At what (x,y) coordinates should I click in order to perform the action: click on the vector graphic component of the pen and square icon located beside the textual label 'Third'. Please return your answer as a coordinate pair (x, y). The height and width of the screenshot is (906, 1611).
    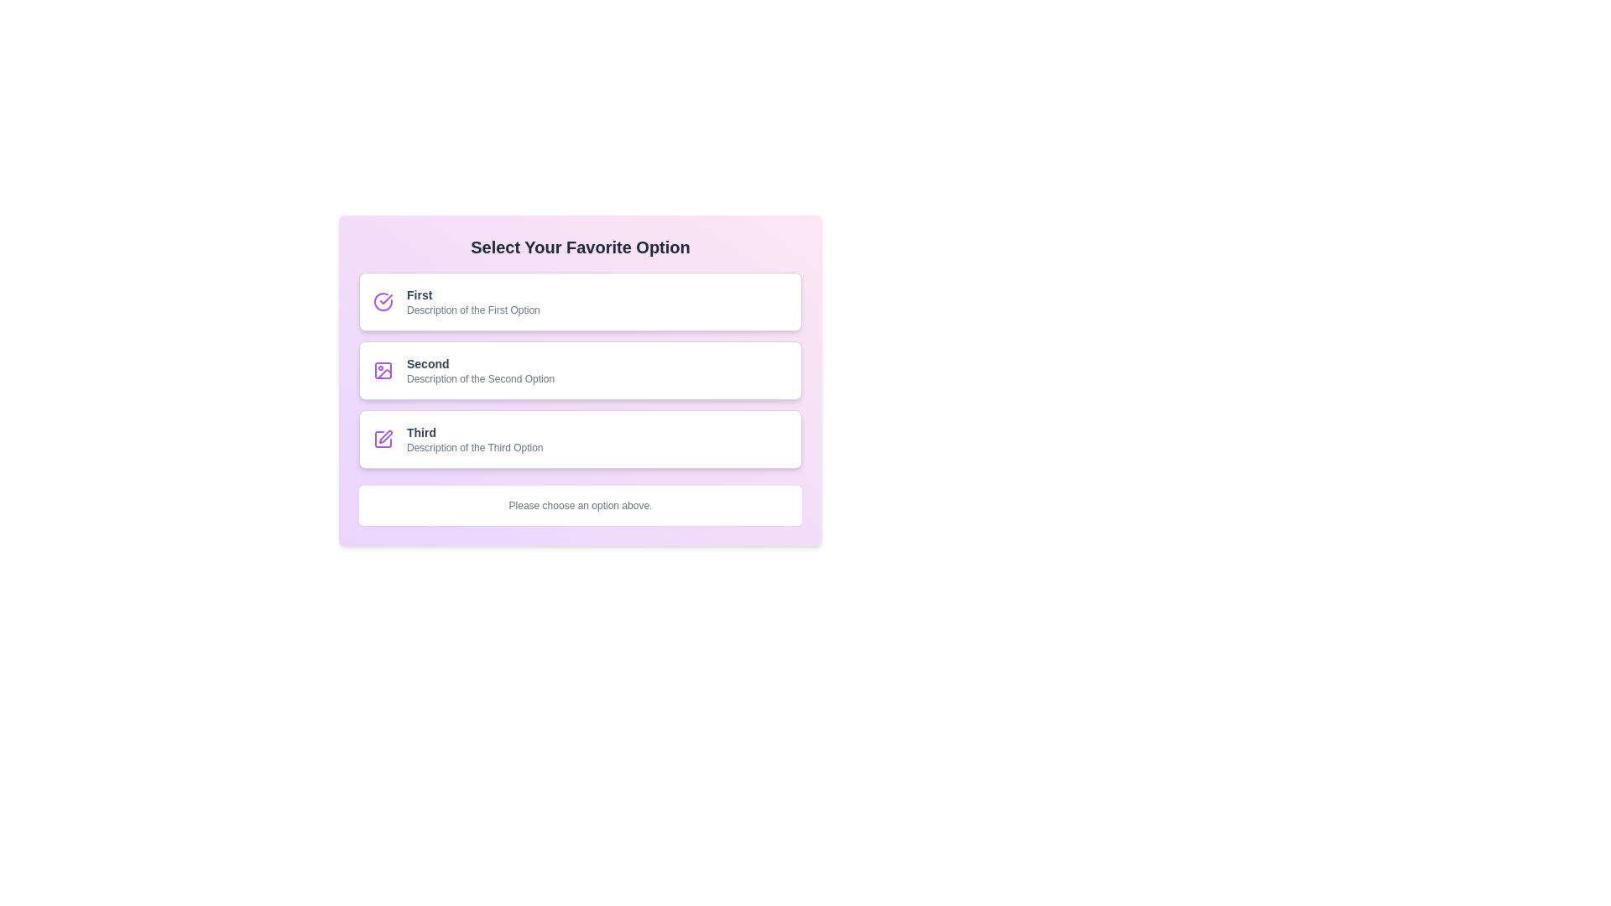
    Looking at the image, I should click on (382, 439).